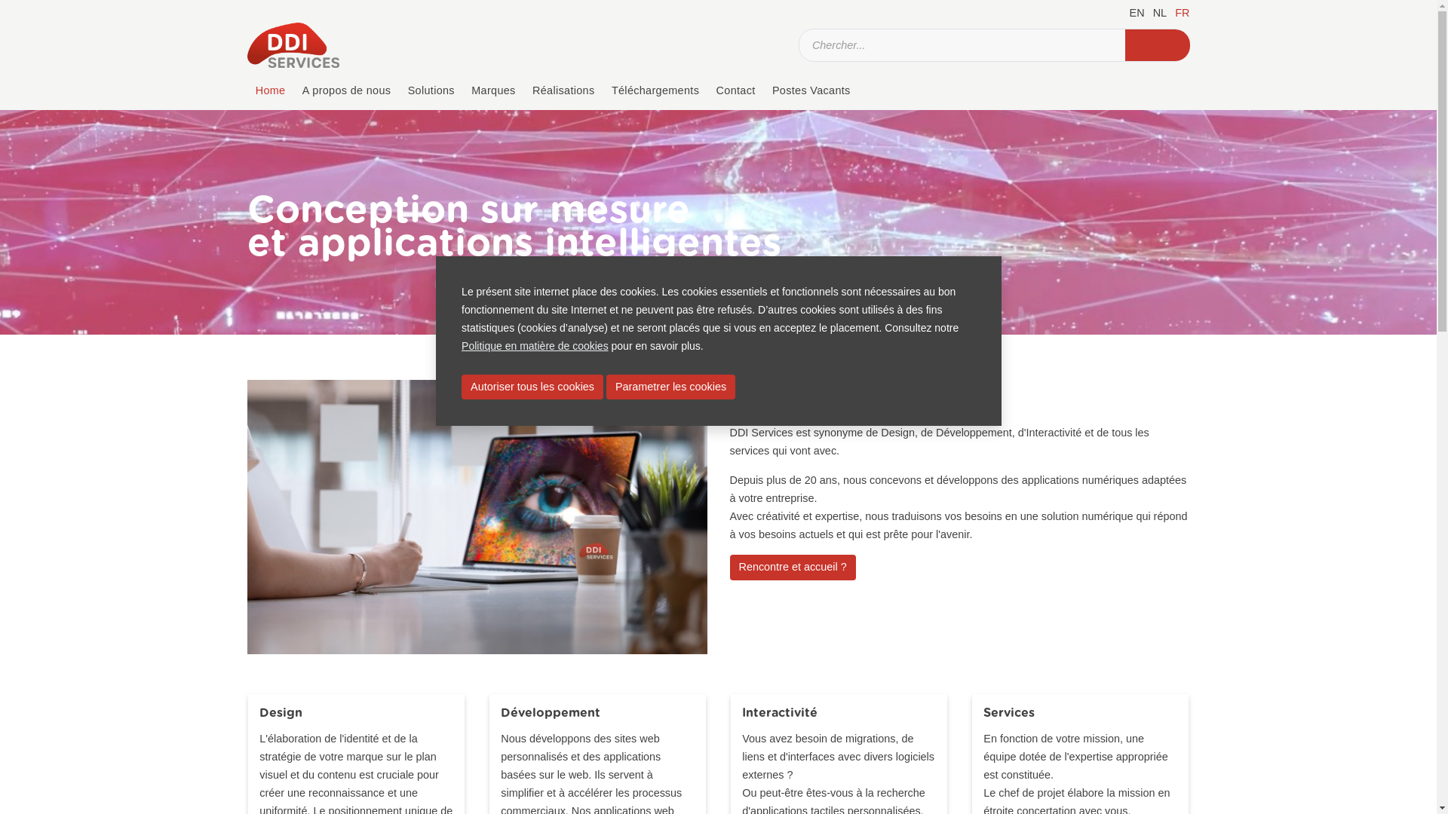 The height and width of the screenshot is (814, 1448). I want to click on 'Home', so click(247, 90).